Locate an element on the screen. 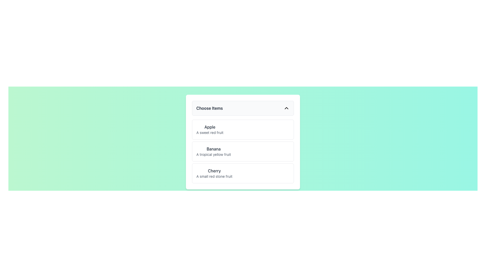 This screenshot has height=275, width=489. the text label that describes 'Apple', which reads 'A sweet red fruit' and is styled with a smaller font size and gray color, positioned just beneath the bold 'Apple' text is located at coordinates (210, 132).